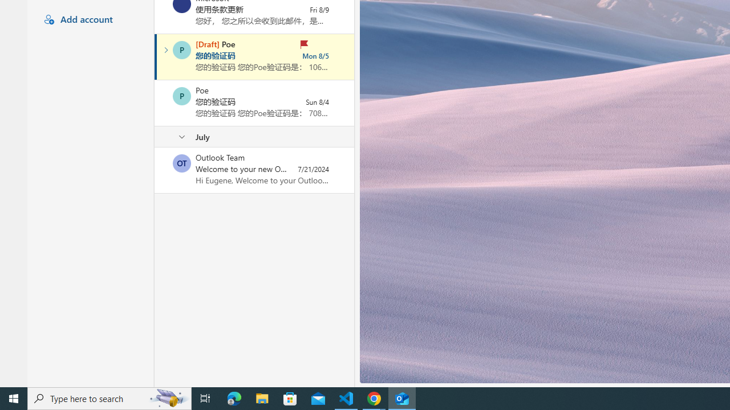  Describe the element at coordinates (165, 50) in the screenshot. I see `'Expand conversation'` at that location.